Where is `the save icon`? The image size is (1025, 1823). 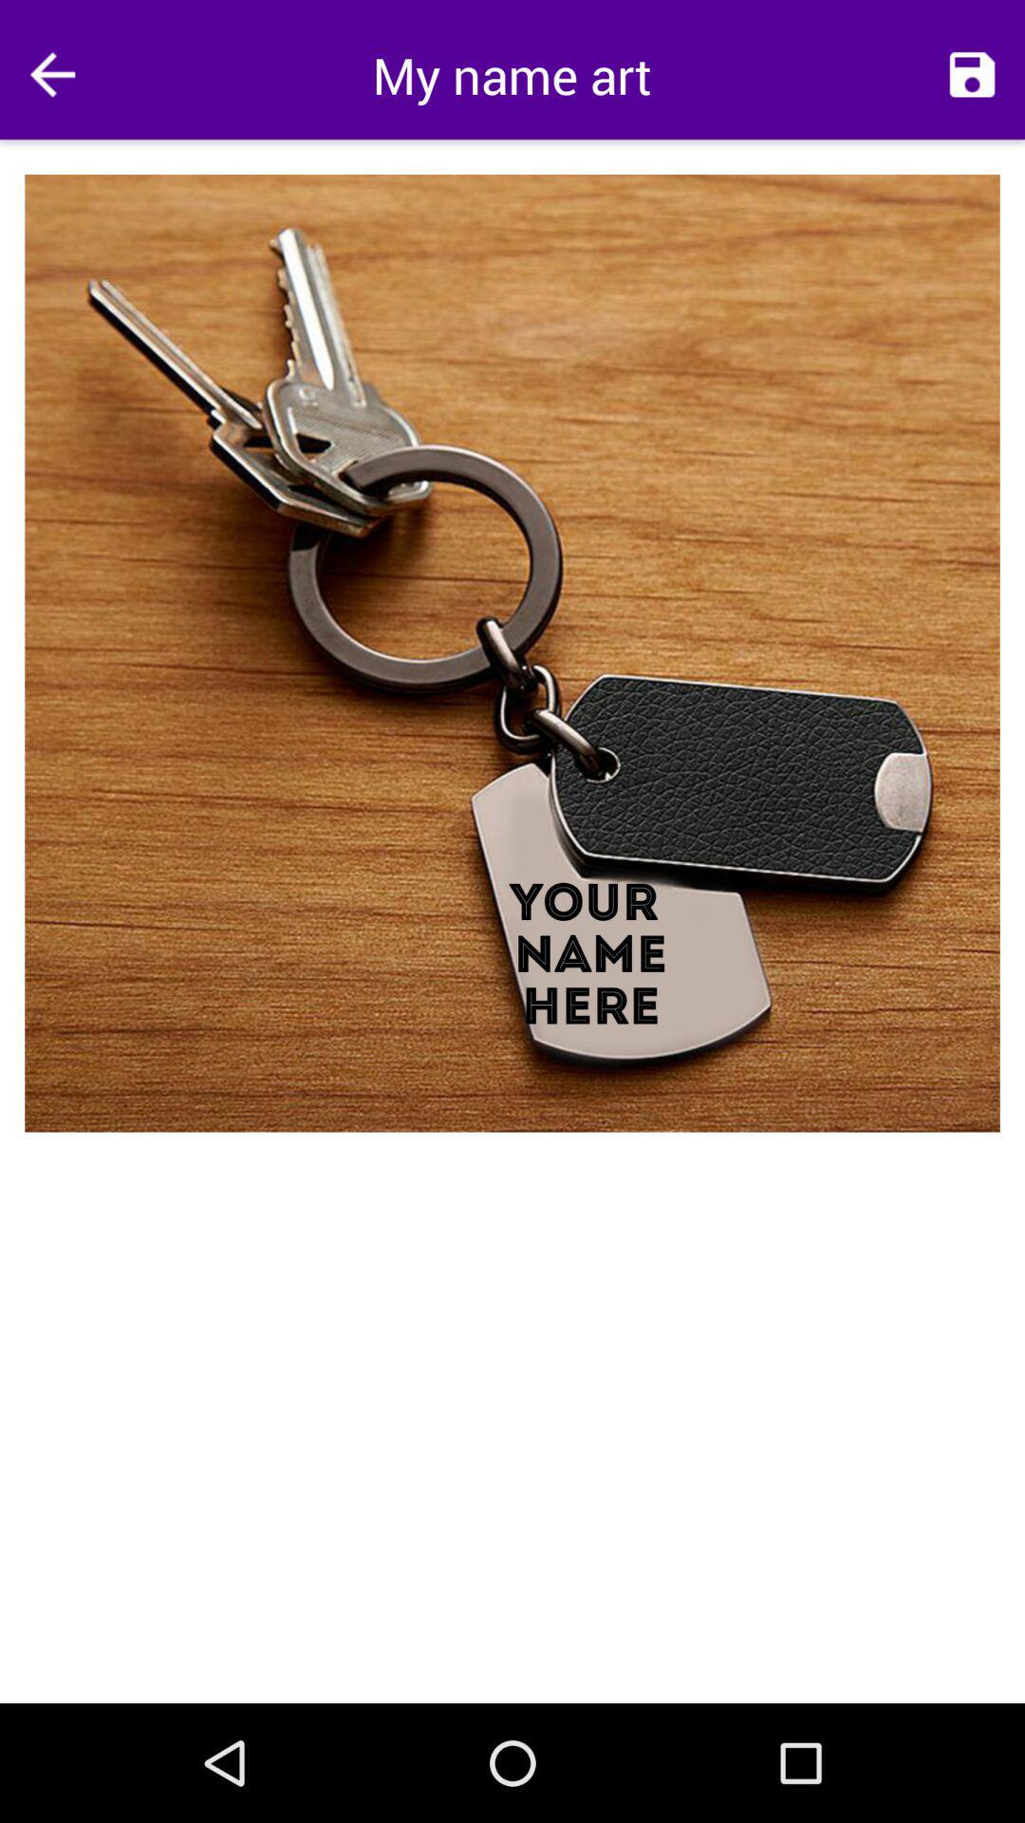 the save icon is located at coordinates (972, 79).